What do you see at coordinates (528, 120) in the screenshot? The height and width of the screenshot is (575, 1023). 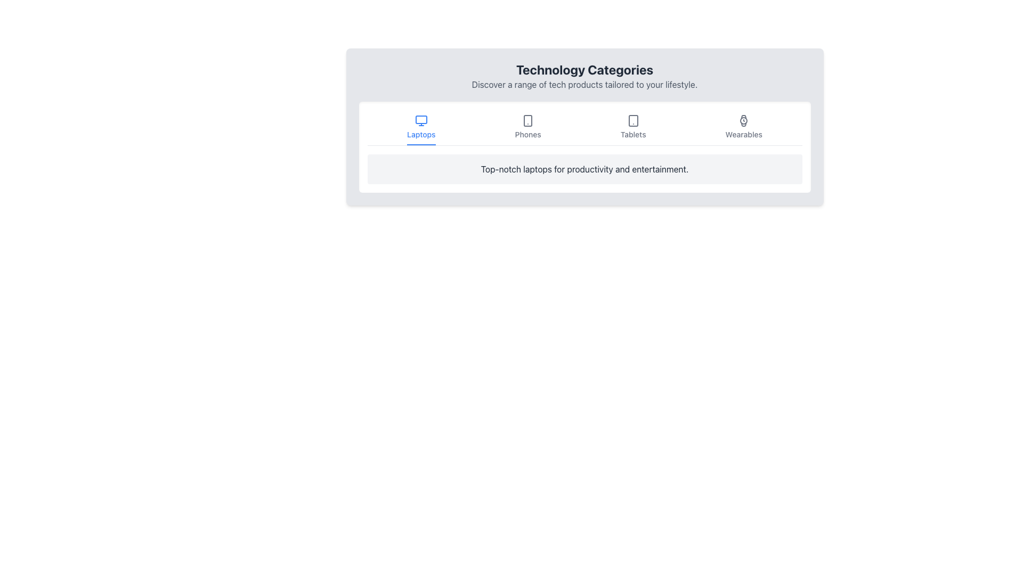 I see `the smartphone icon located in the horizontal navigation bar below the heading 'Technology Categories', which is the second icon from the left and labeled 'Phones'` at bounding box center [528, 120].